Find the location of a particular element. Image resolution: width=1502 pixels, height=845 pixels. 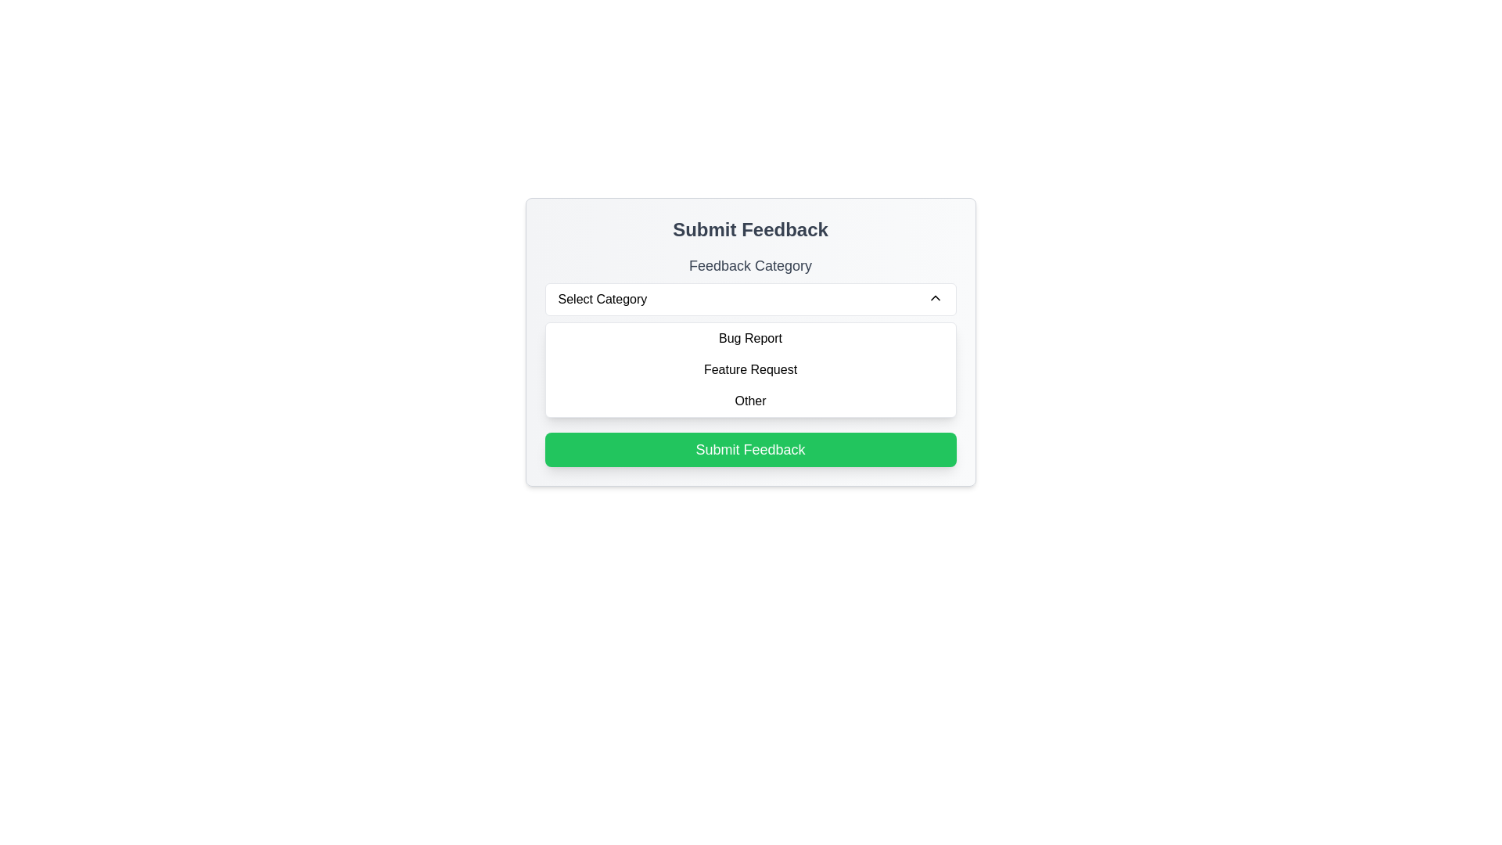

the 'Feature Request' option in the feedback category dropdown menu is located at coordinates (749, 370).